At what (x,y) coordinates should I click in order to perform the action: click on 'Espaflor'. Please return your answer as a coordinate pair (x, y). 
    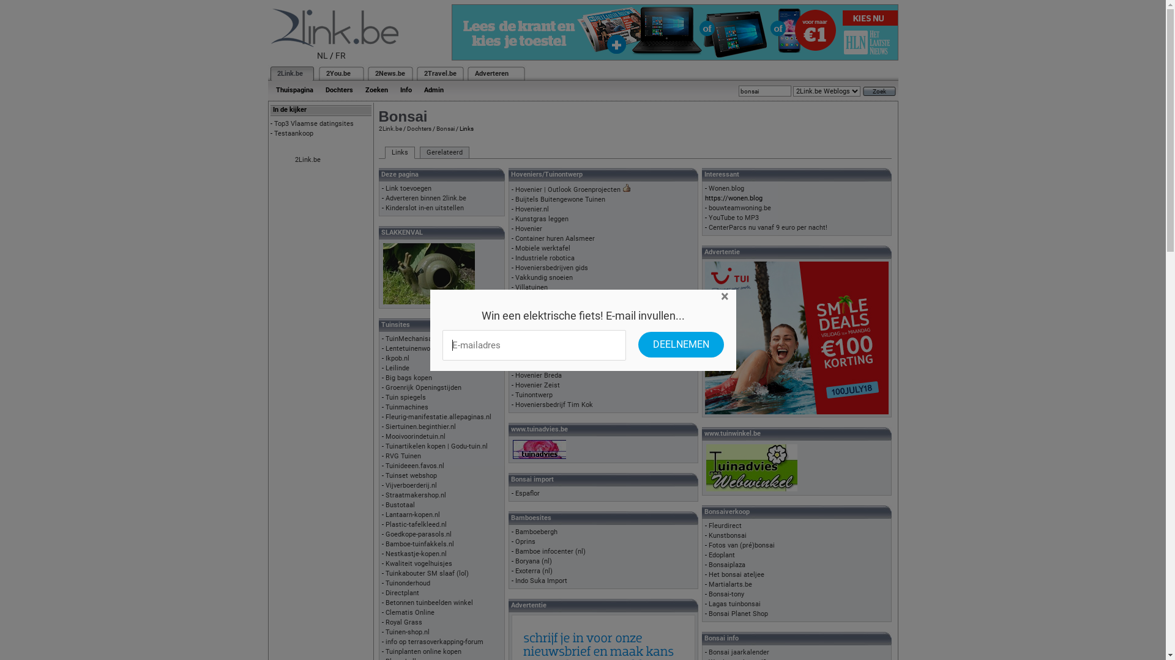
    Looking at the image, I should click on (515, 493).